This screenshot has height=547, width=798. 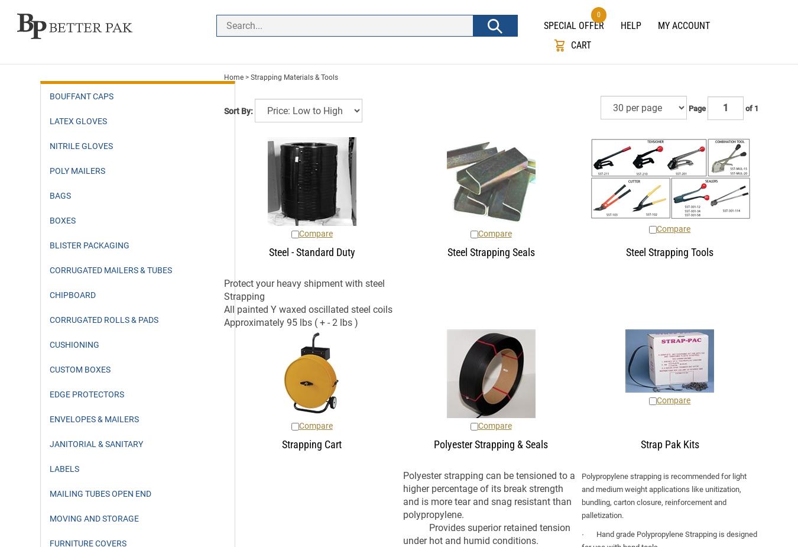 I want to click on '>', so click(x=246, y=76).